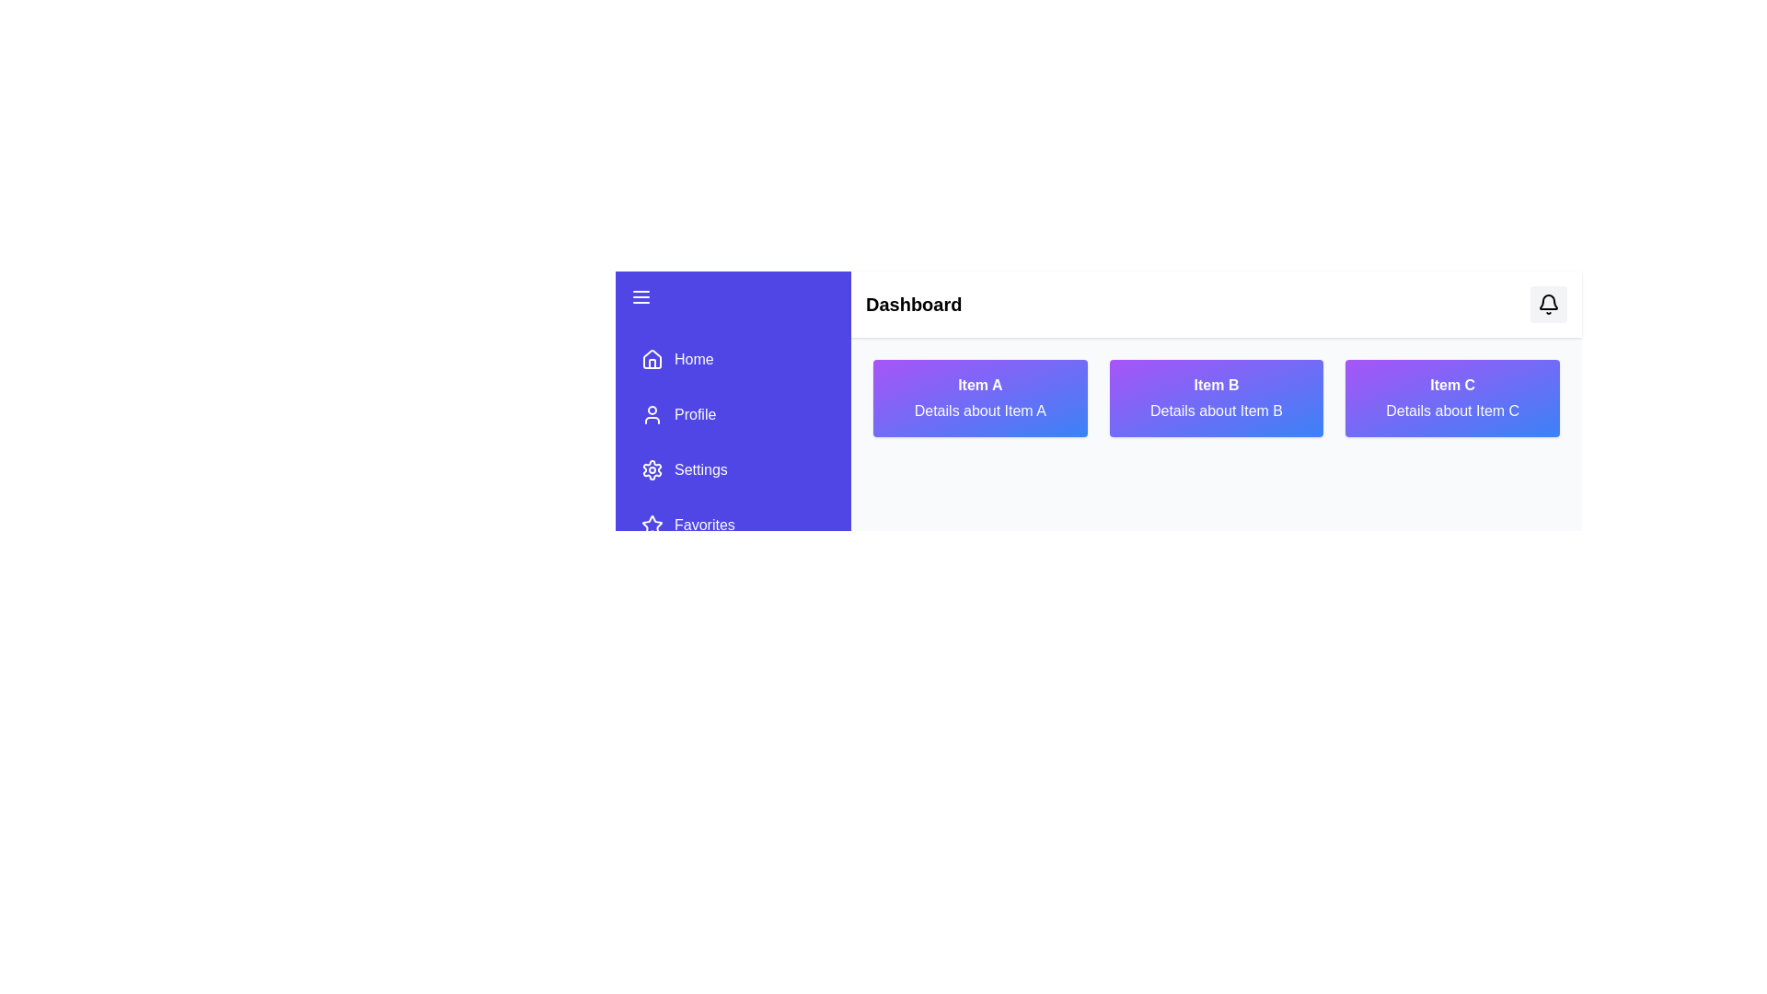 Image resolution: width=1767 pixels, height=994 pixels. What do you see at coordinates (653, 468) in the screenshot?
I see `the gear icon in the left sidebar menu, which represents the settings option` at bounding box center [653, 468].